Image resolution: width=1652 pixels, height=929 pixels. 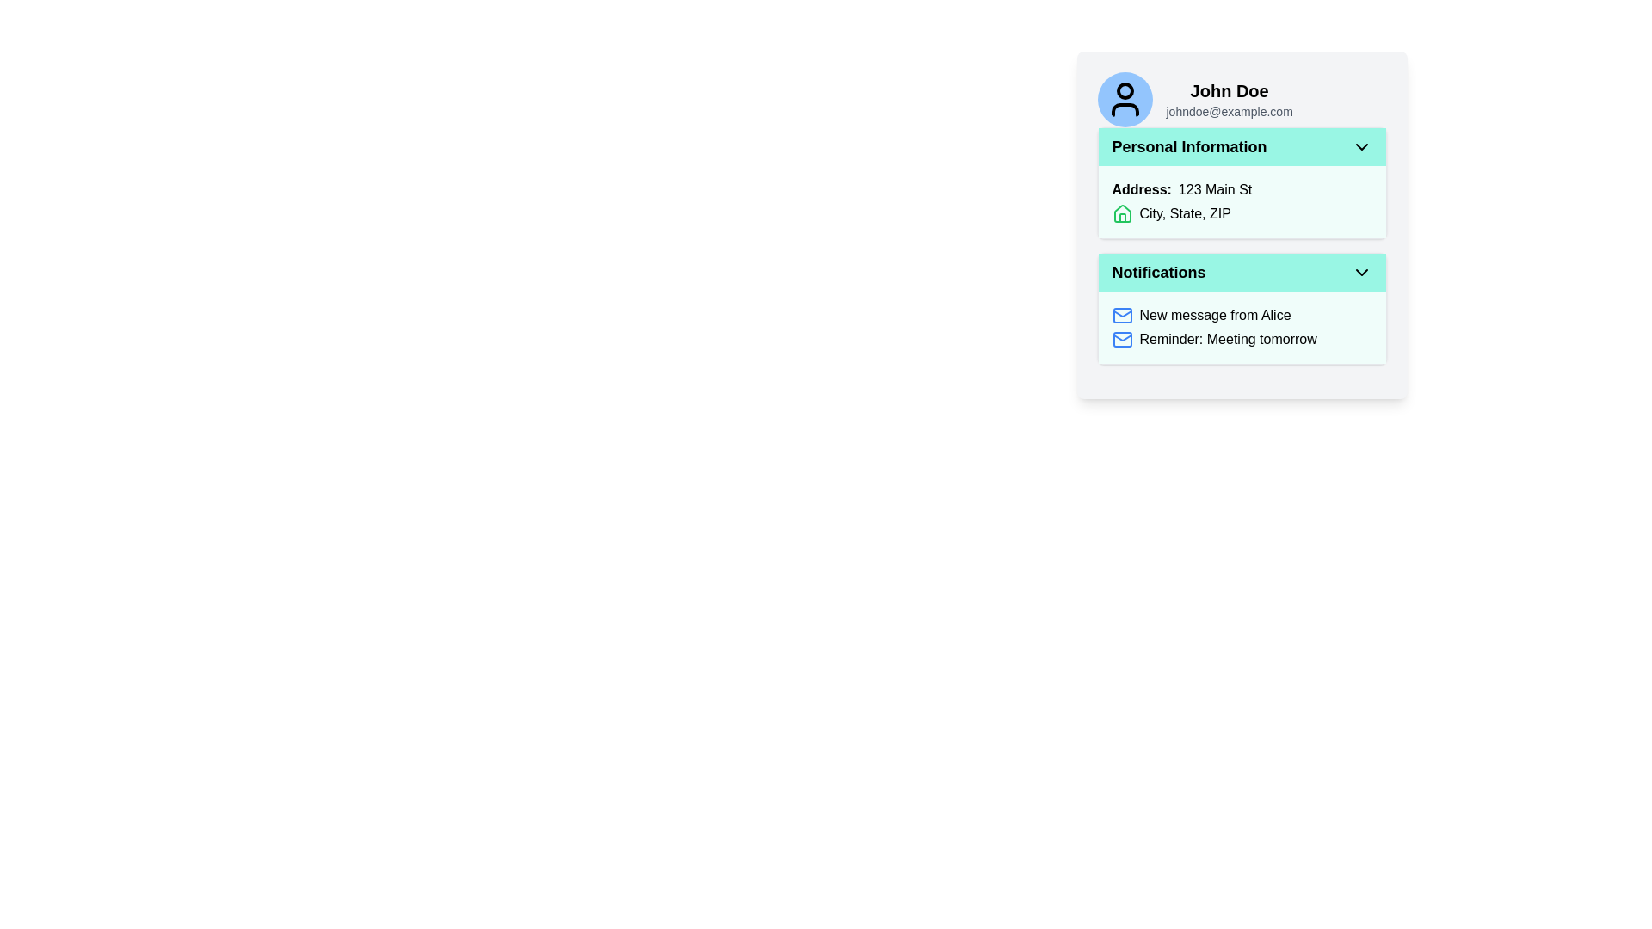 What do you see at coordinates (1242, 339) in the screenshot?
I see `the notification entry for a meeting reminder located in the bottom-right section of the interface, below the item that reads 'New message from Alice'` at bounding box center [1242, 339].